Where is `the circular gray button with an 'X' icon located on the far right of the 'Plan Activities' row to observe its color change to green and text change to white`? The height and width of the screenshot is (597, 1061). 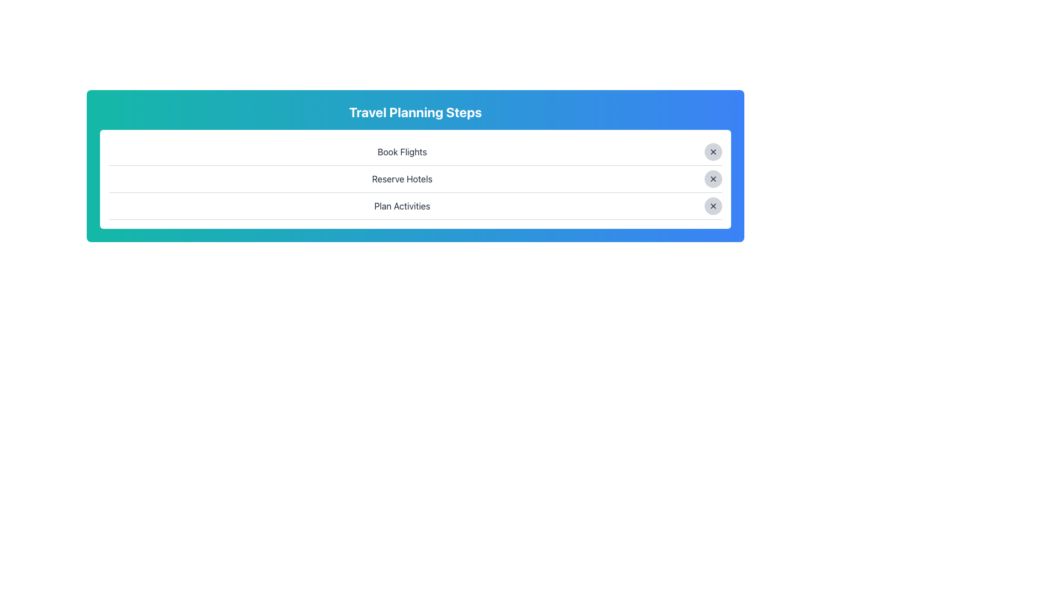 the circular gray button with an 'X' icon located on the far right of the 'Plan Activities' row to observe its color change to green and text change to white is located at coordinates (713, 206).